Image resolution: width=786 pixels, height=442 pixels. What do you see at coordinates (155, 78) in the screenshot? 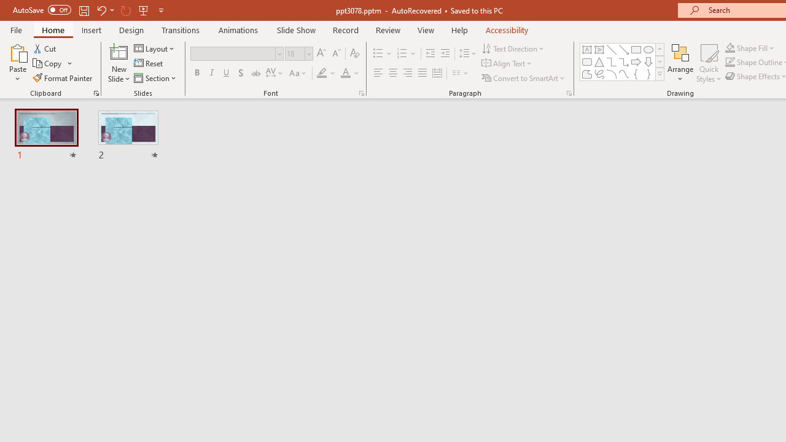
I see `'Section'` at bounding box center [155, 78].